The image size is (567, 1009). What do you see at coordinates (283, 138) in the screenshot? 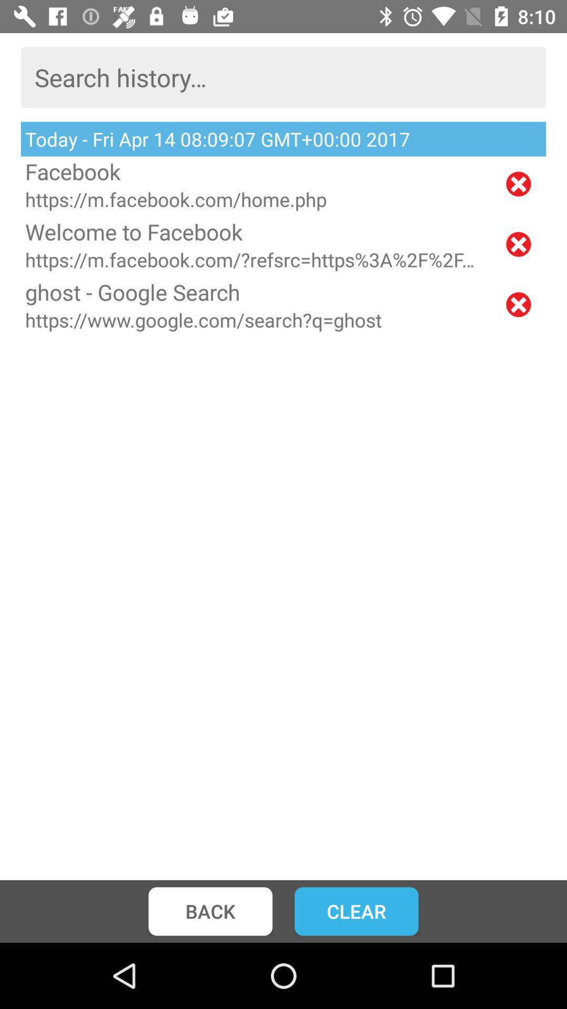
I see `the today fri apr item` at bounding box center [283, 138].